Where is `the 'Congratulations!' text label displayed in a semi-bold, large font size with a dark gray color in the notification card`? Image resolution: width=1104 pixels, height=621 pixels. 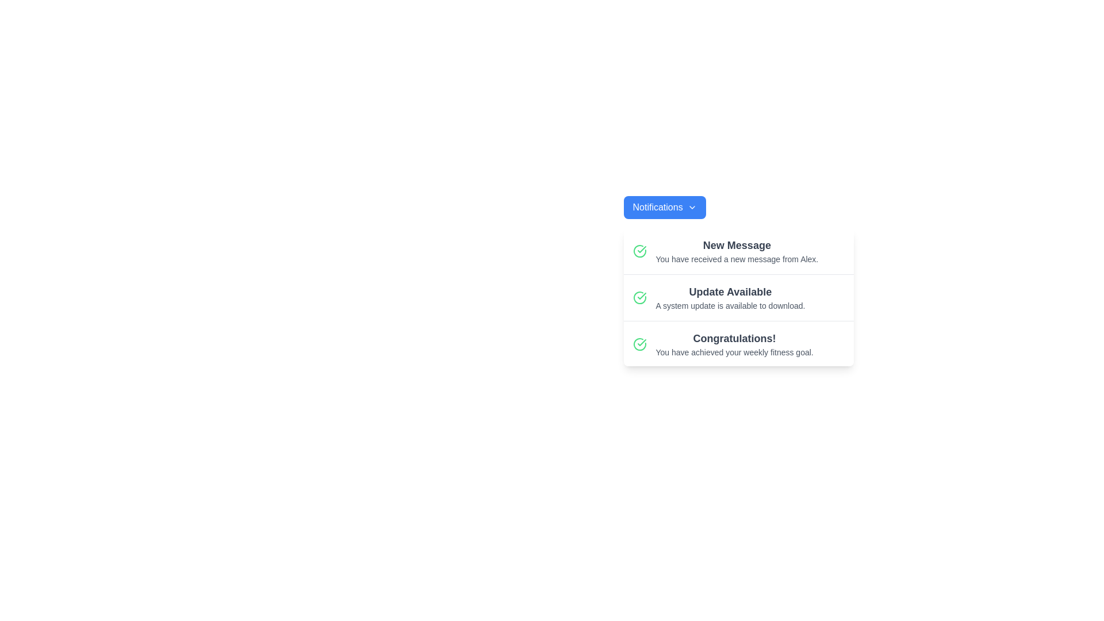
the 'Congratulations!' text label displayed in a semi-bold, large font size with a dark gray color in the notification card is located at coordinates (734, 338).